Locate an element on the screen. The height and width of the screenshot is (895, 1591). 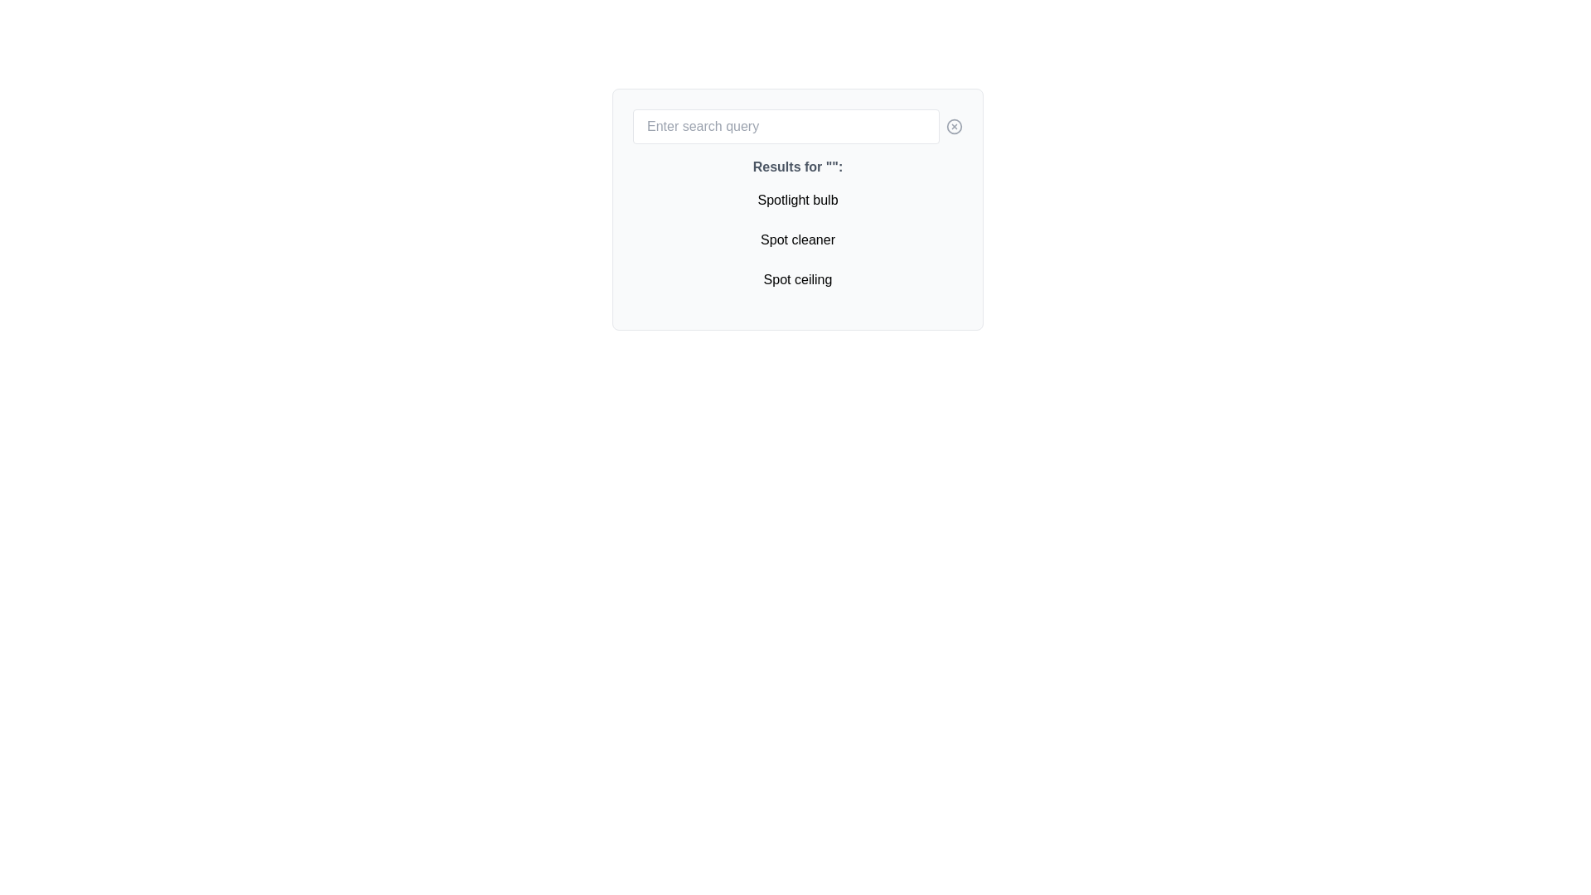
the lowercase letter 'p' in the text string 'Spot ceiling', which is the third character of the word 'Spot' located under the 'Results for' section is located at coordinates (775, 278).